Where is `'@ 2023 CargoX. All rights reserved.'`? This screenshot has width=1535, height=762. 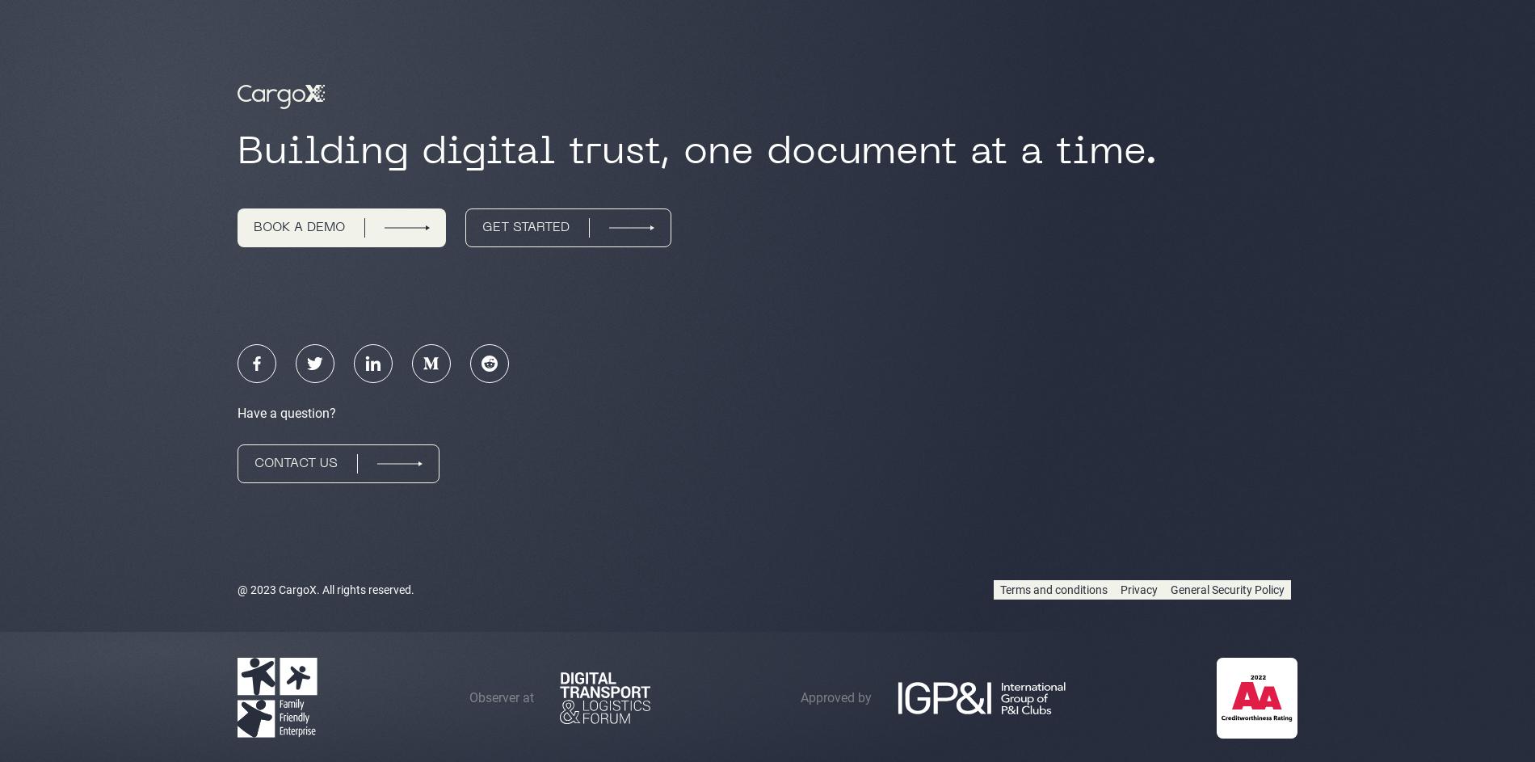
'@ 2023 CargoX. All rights reserved.' is located at coordinates (325, 588).